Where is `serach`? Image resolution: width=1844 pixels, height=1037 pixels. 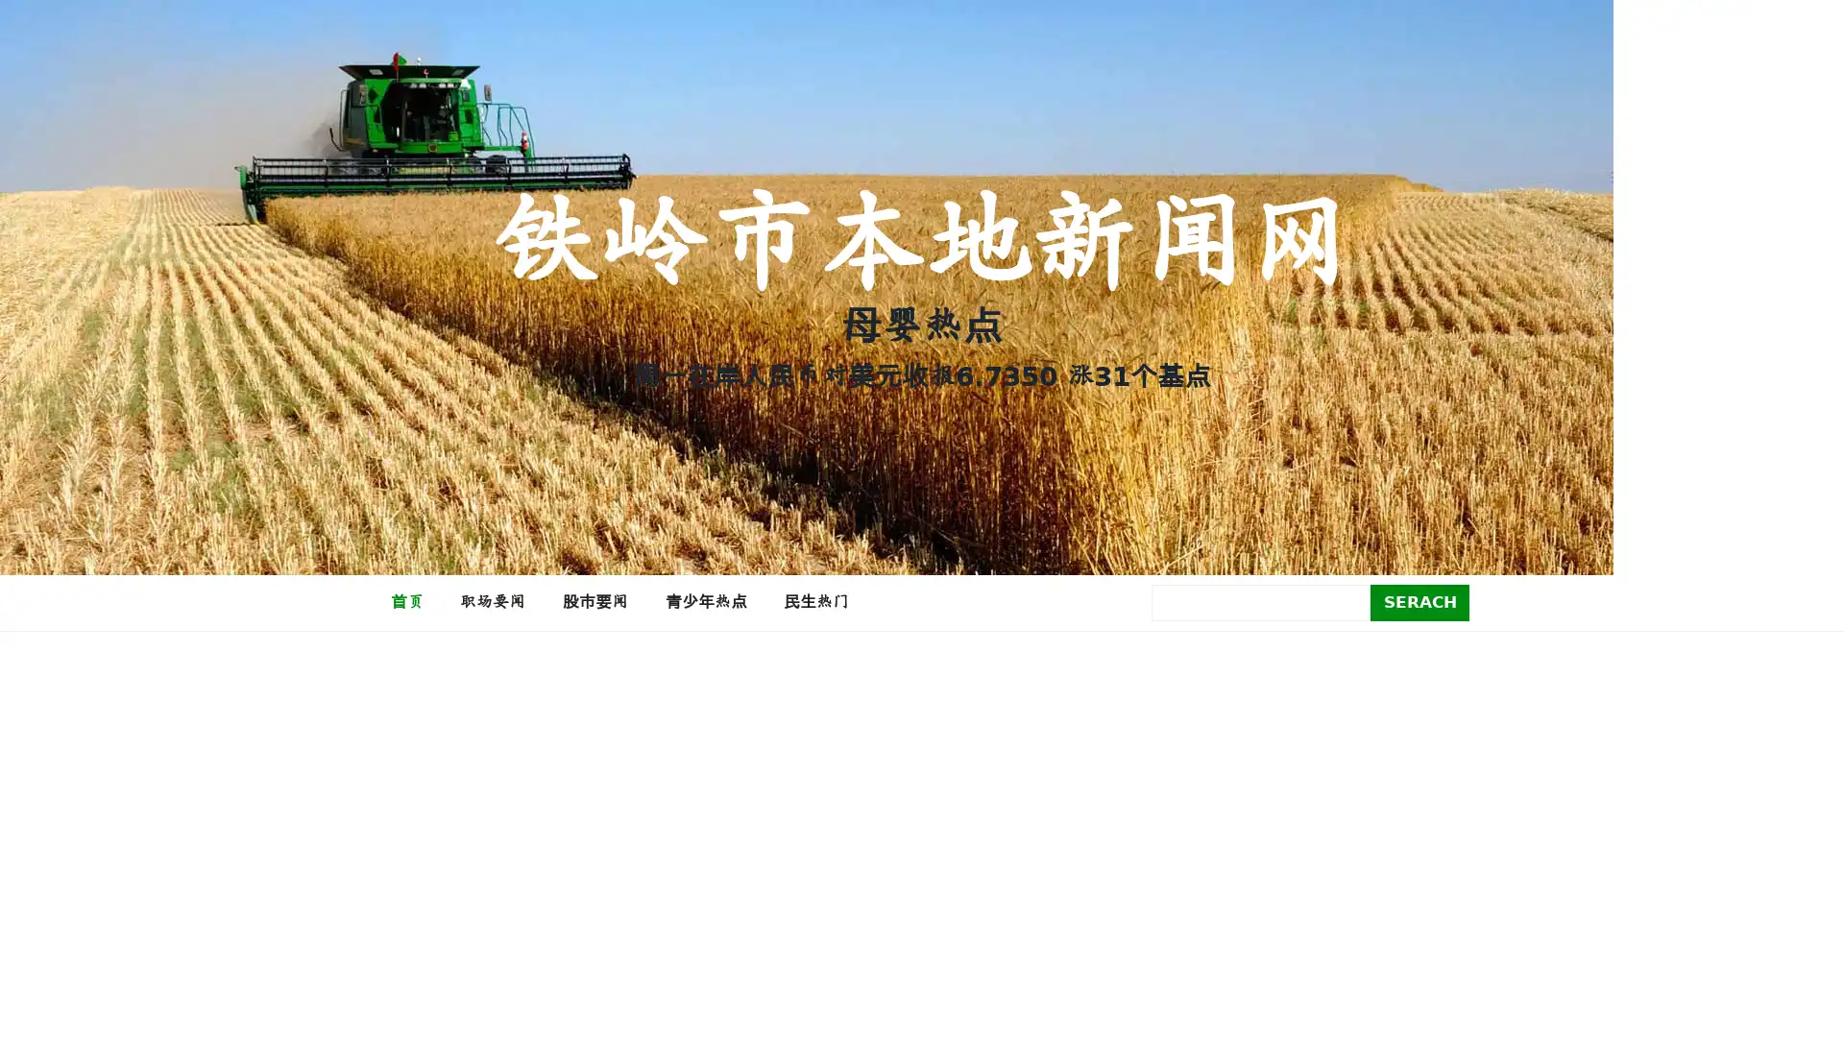 serach is located at coordinates (1419, 601).